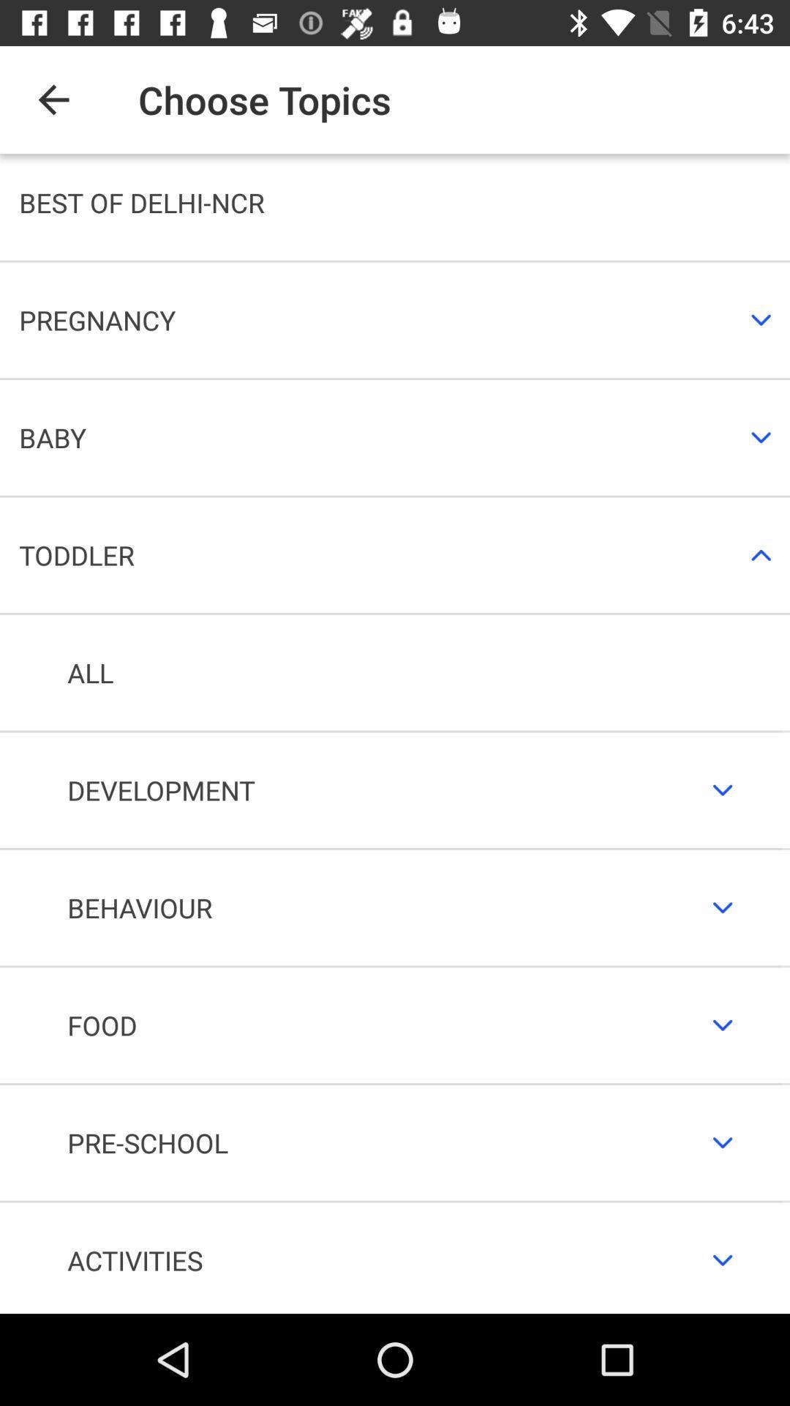  What do you see at coordinates (53, 99) in the screenshot?
I see `the icon at the top left corner` at bounding box center [53, 99].